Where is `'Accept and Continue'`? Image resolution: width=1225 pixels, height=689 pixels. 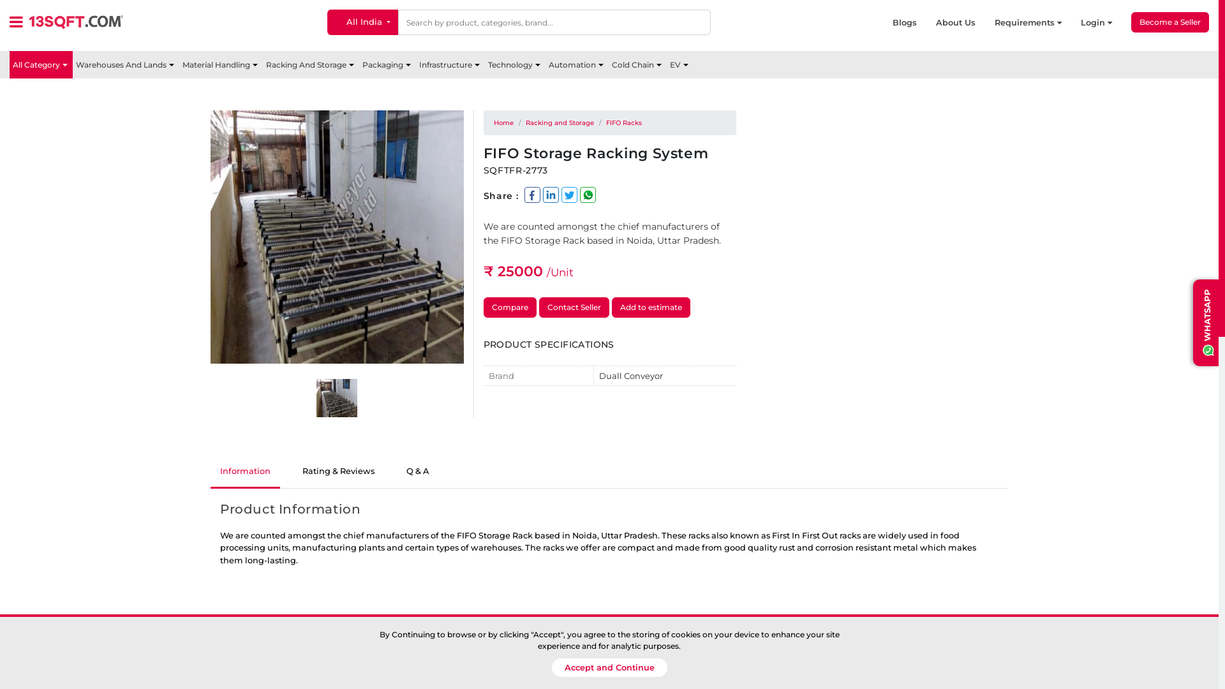 'Accept and Continue' is located at coordinates (608, 667).